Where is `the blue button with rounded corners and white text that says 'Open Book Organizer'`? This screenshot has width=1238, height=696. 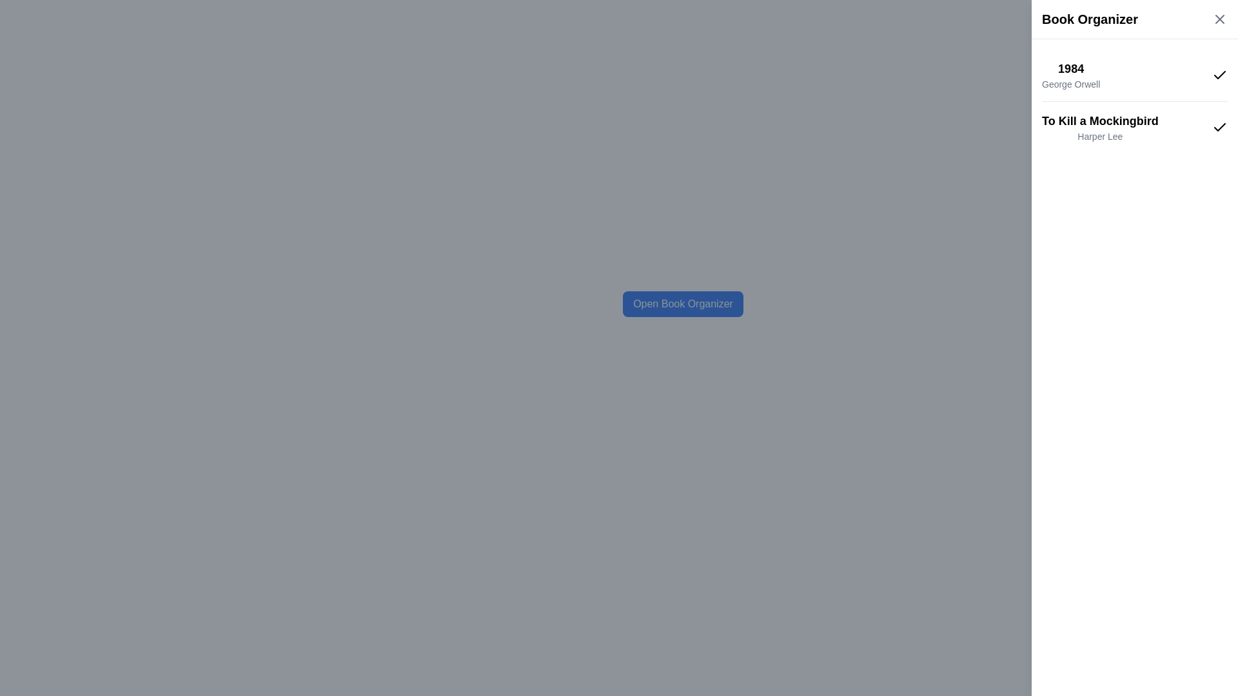
the blue button with rounded corners and white text that says 'Open Book Organizer' is located at coordinates (682, 304).